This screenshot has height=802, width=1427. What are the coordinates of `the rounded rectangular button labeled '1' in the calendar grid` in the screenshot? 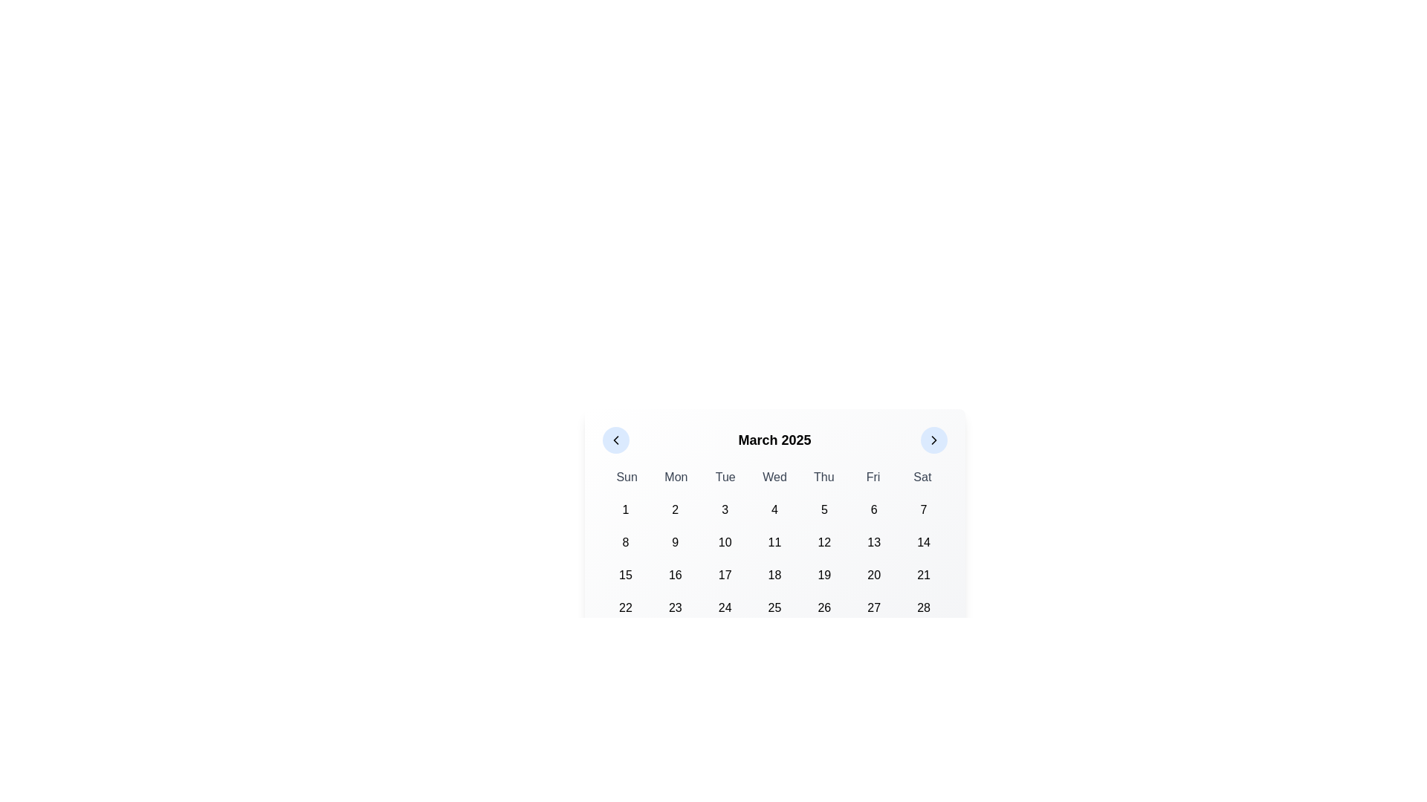 It's located at (625, 509).